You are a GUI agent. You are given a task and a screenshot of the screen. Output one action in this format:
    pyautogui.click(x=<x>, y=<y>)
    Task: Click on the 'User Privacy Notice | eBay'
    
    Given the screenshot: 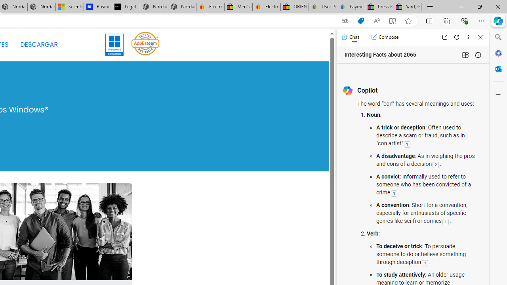 What is the action you would take?
    pyautogui.click(x=322, y=7)
    